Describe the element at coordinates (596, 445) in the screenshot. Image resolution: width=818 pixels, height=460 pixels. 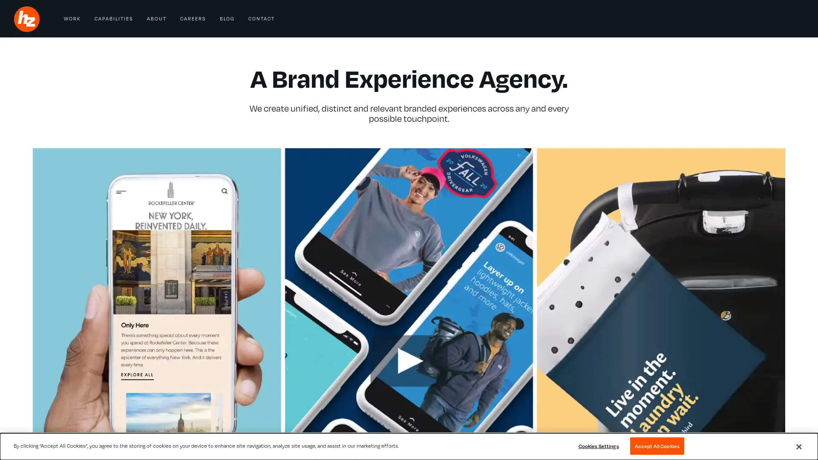
I see `Cookies Settings` at that location.